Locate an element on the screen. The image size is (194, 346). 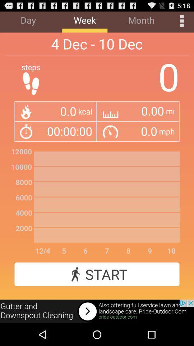
advertisement banner is located at coordinates (97, 311).